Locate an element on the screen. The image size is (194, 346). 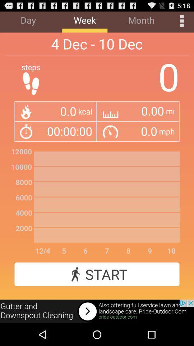
advertisement banner is located at coordinates (97, 311).